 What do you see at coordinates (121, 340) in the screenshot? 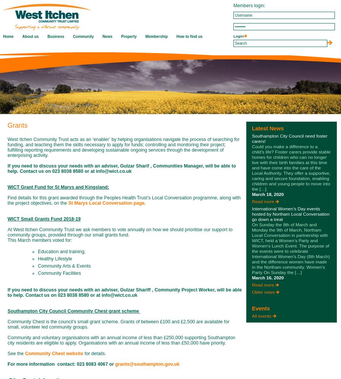
I see `'Community and voluntary organisations with an annual income of less than £250,000 supporting Southampton city residents are eligible to apply. Organisations with an annual income of less than £50,000 have priority.'` at bounding box center [121, 340].